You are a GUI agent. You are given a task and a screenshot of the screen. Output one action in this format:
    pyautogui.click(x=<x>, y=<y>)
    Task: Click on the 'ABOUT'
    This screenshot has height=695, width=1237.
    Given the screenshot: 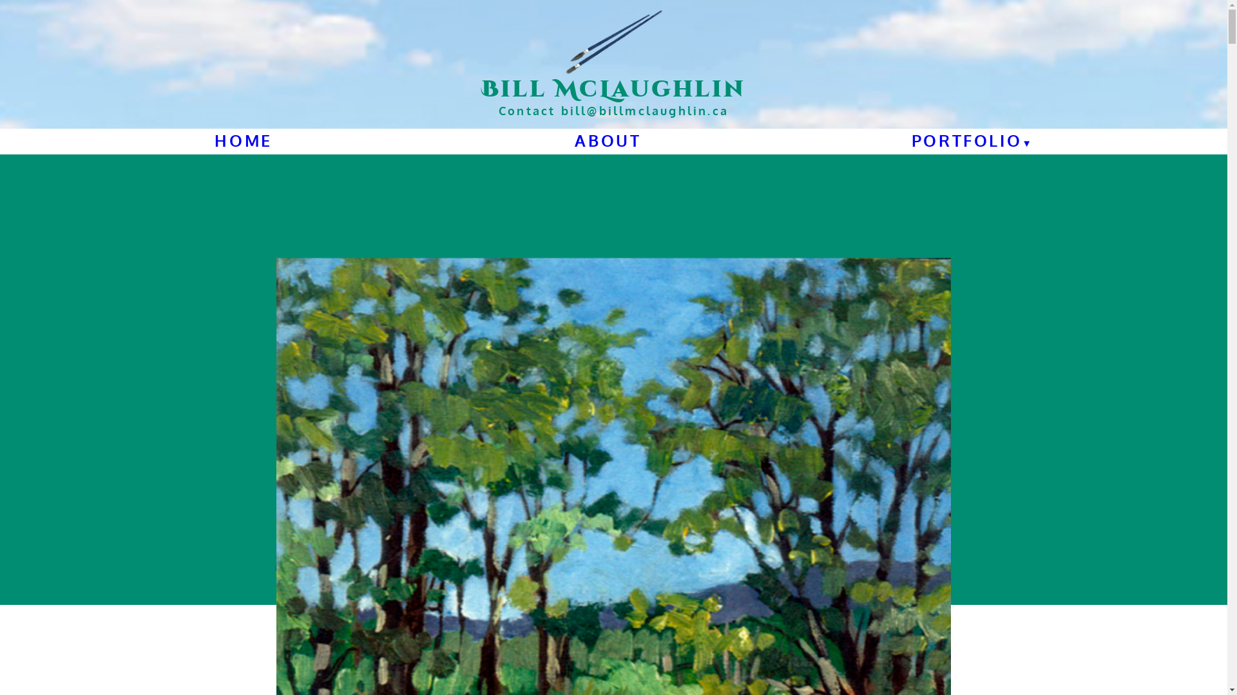 What is the action you would take?
    pyautogui.click(x=607, y=140)
    